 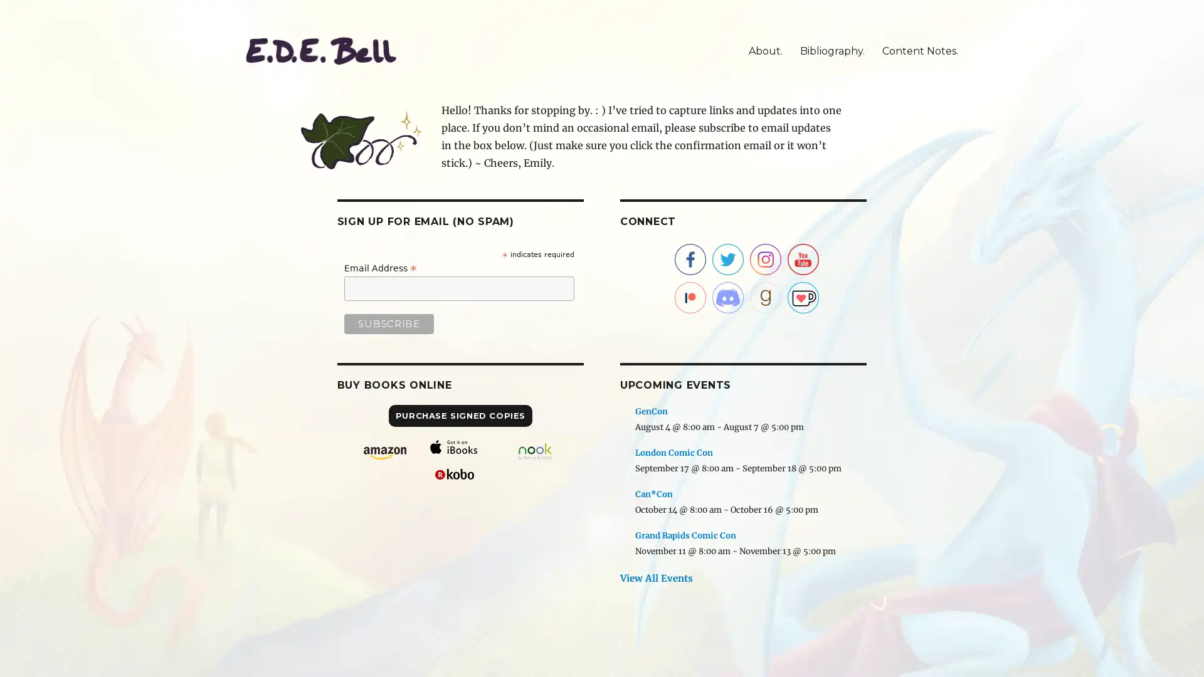 What do you see at coordinates (388, 323) in the screenshot?
I see `Subscribe` at bounding box center [388, 323].